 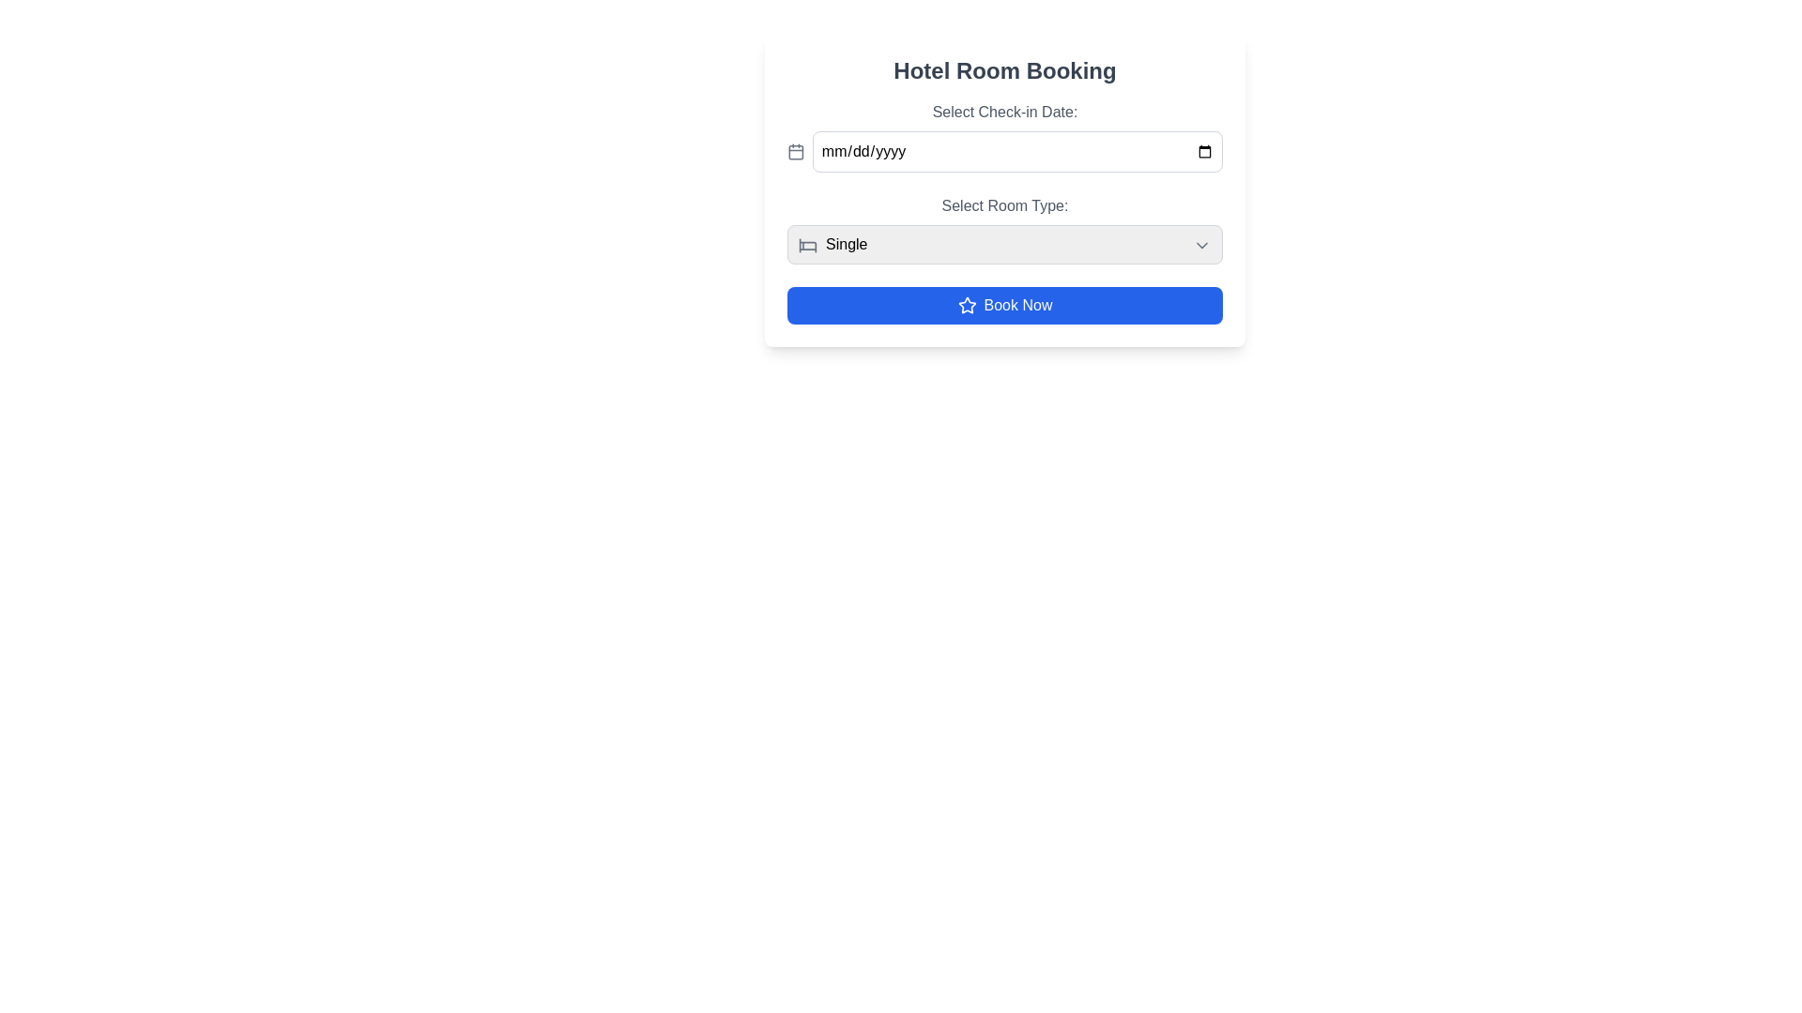 What do you see at coordinates (1003, 305) in the screenshot?
I see `the booking button located at the bottom of the 'Hotel Room Booking' interface to initiate the booking process` at bounding box center [1003, 305].